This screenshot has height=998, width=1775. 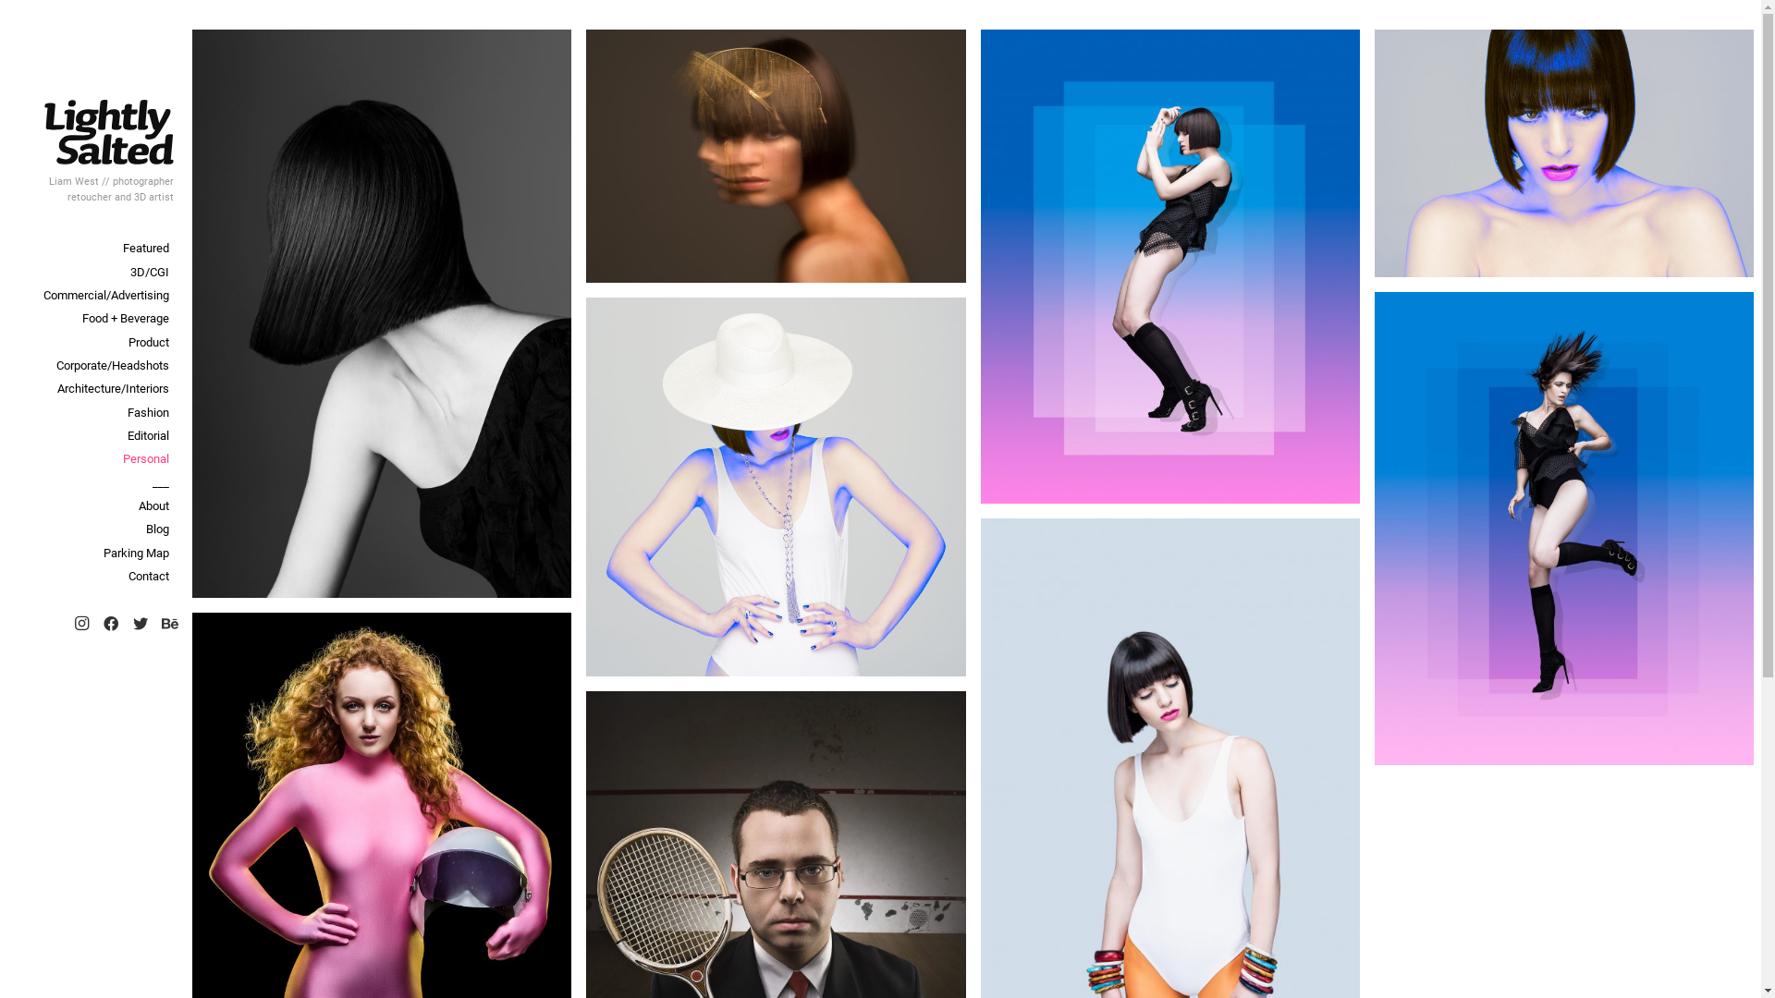 I want to click on 'Food + Beverage', so click(x=92, y=317).